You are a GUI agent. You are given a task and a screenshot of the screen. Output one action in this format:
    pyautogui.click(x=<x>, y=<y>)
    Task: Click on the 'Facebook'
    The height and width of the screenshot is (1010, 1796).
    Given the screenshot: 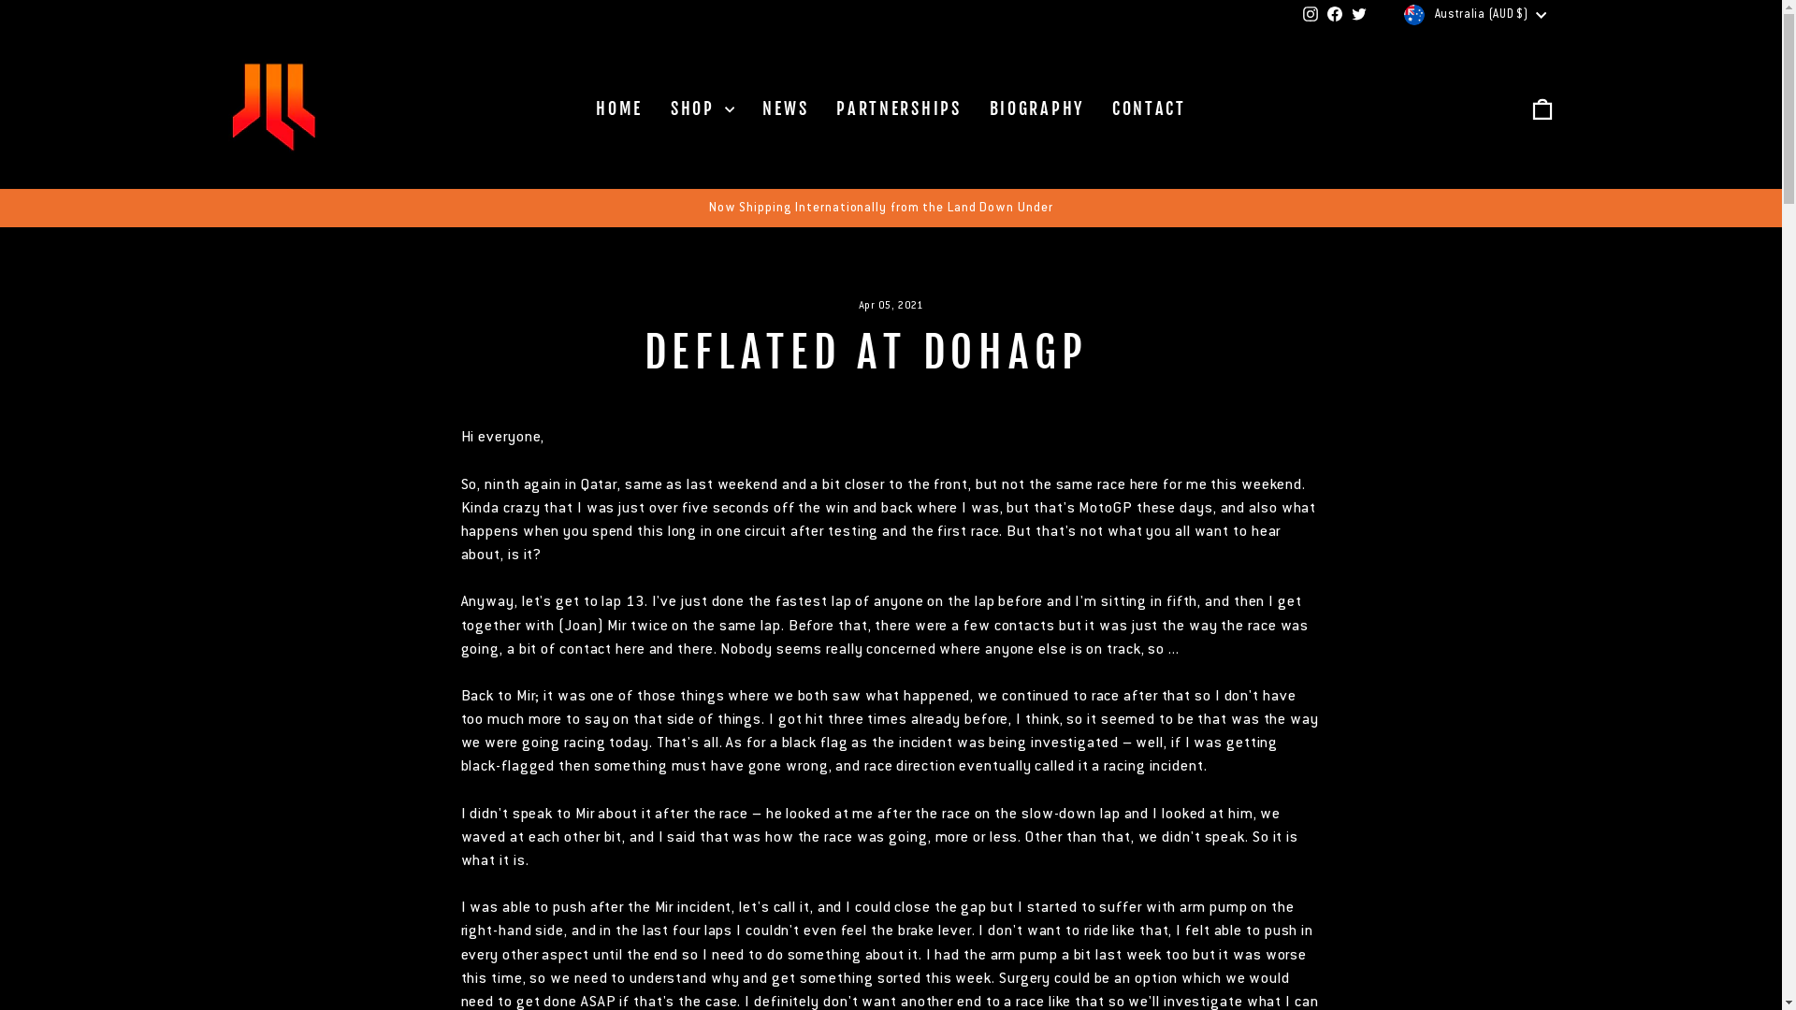 What is the action you would take?
    pyautogui.click(x=1333, y=14)
    